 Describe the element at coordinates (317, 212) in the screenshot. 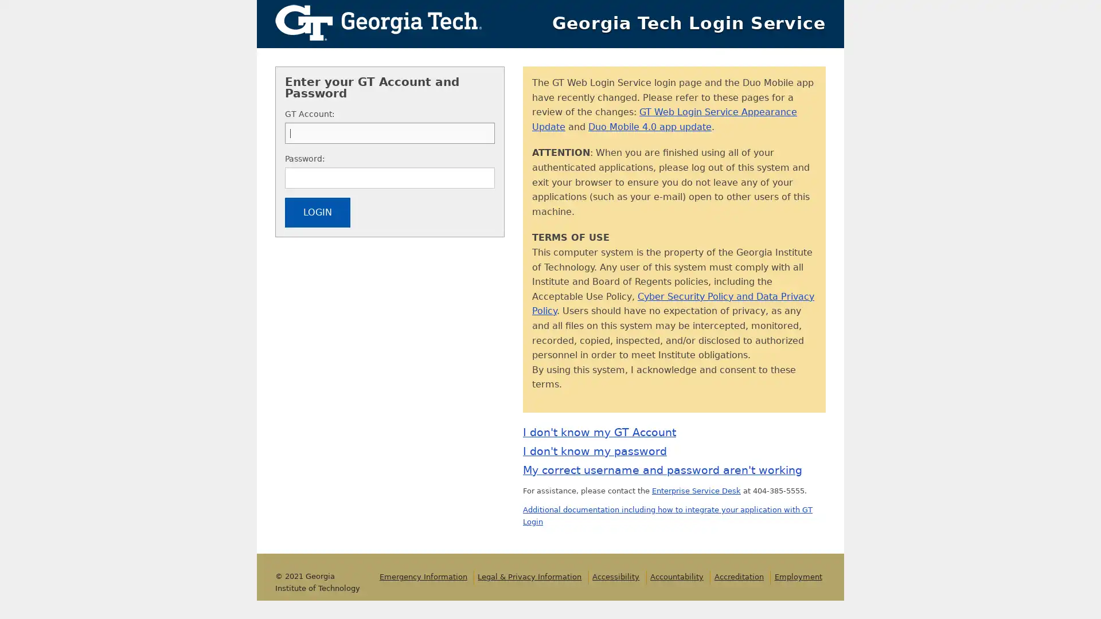

I see `LOGIN` at that location.